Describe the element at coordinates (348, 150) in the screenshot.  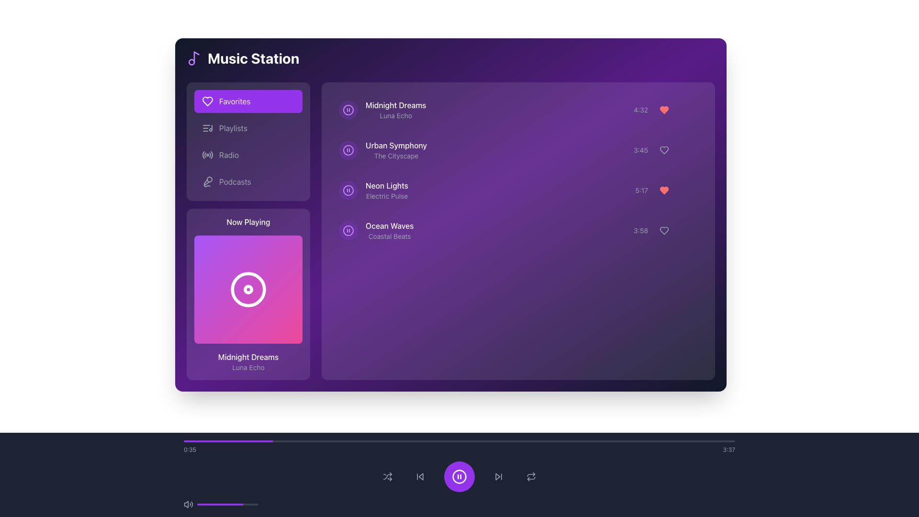
I see `the pause button for the 'Urban Symphony' music track` at that location.